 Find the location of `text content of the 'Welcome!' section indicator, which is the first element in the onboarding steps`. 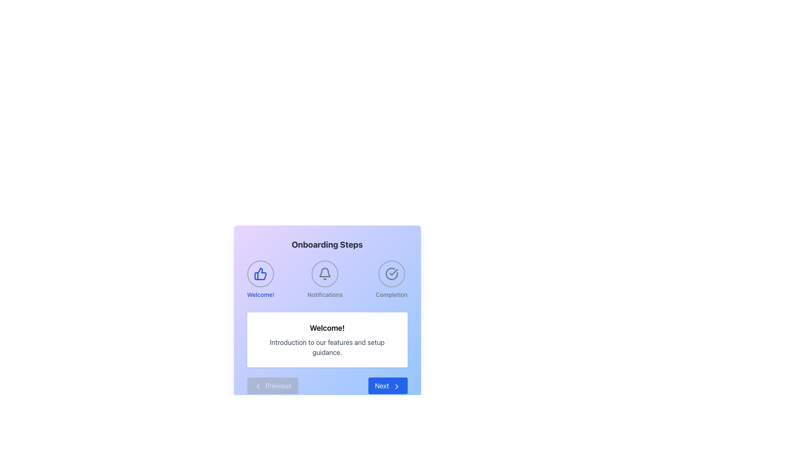

text content of the 'Welcome!' section indicator, which is the first element in the onboarding steps is located at coordinates (260, 280).